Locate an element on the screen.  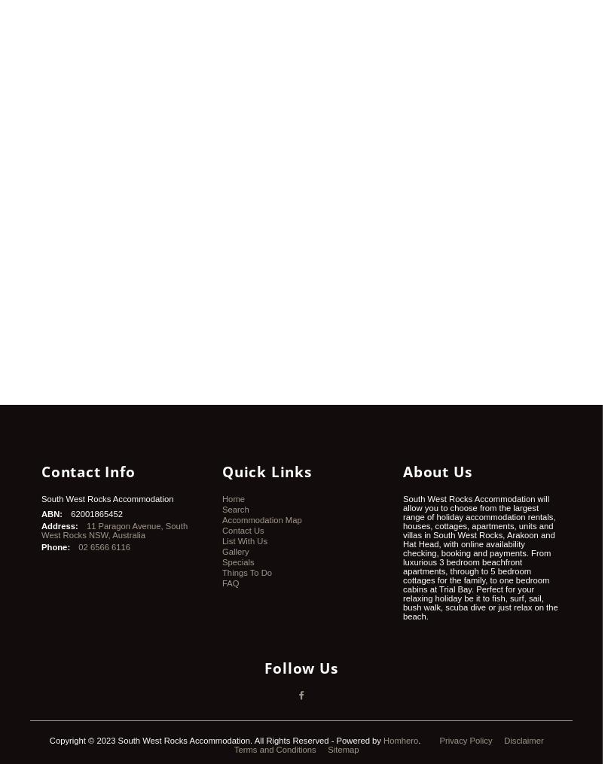
'Copyright © 2023 South West Rocks Accommodation. All Rights Reserved - Powered by' is located at coordinates (215, 741).